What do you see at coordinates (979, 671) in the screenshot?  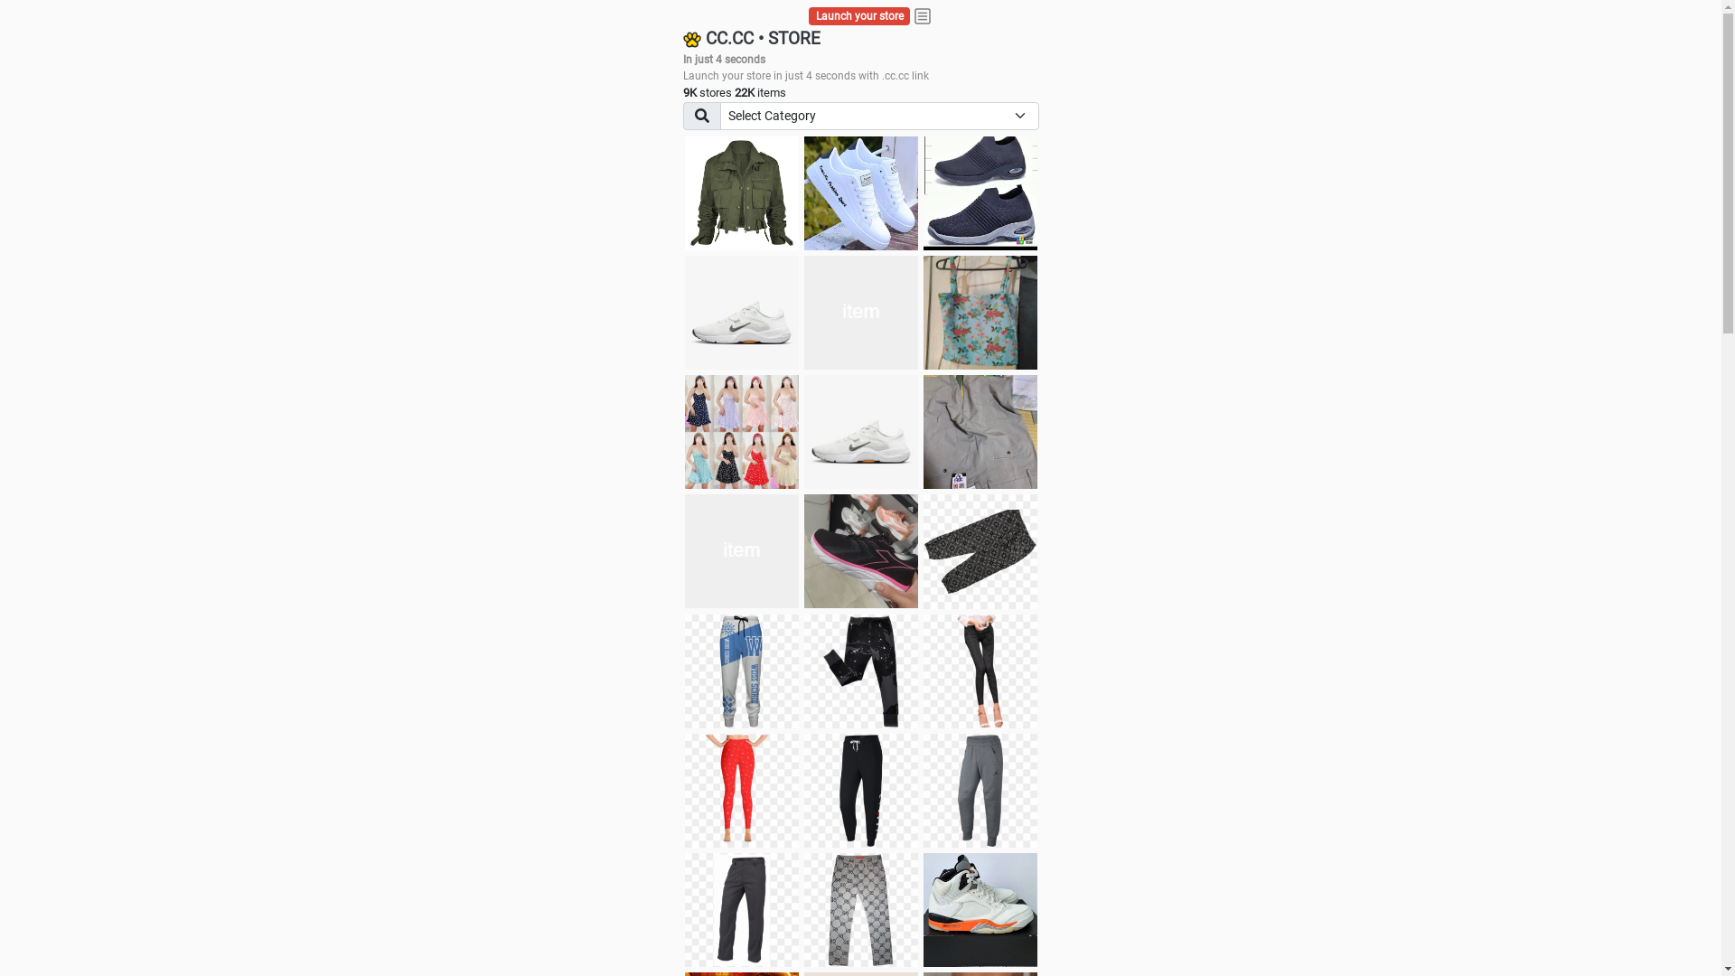 I see `'Pant'` at bounding box center [979, 671].